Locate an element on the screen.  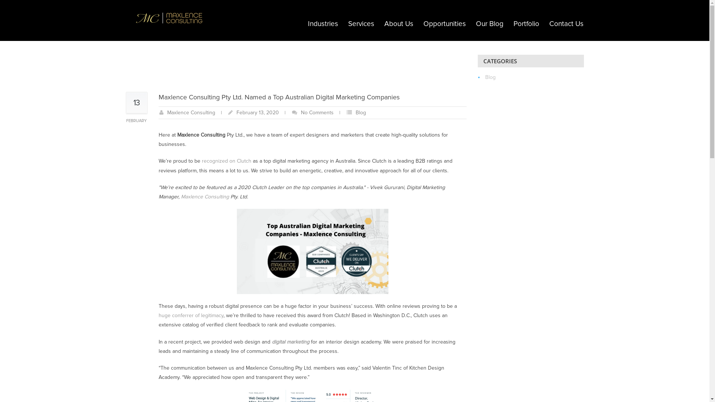
'Services' is located at coordinates (361, 23).